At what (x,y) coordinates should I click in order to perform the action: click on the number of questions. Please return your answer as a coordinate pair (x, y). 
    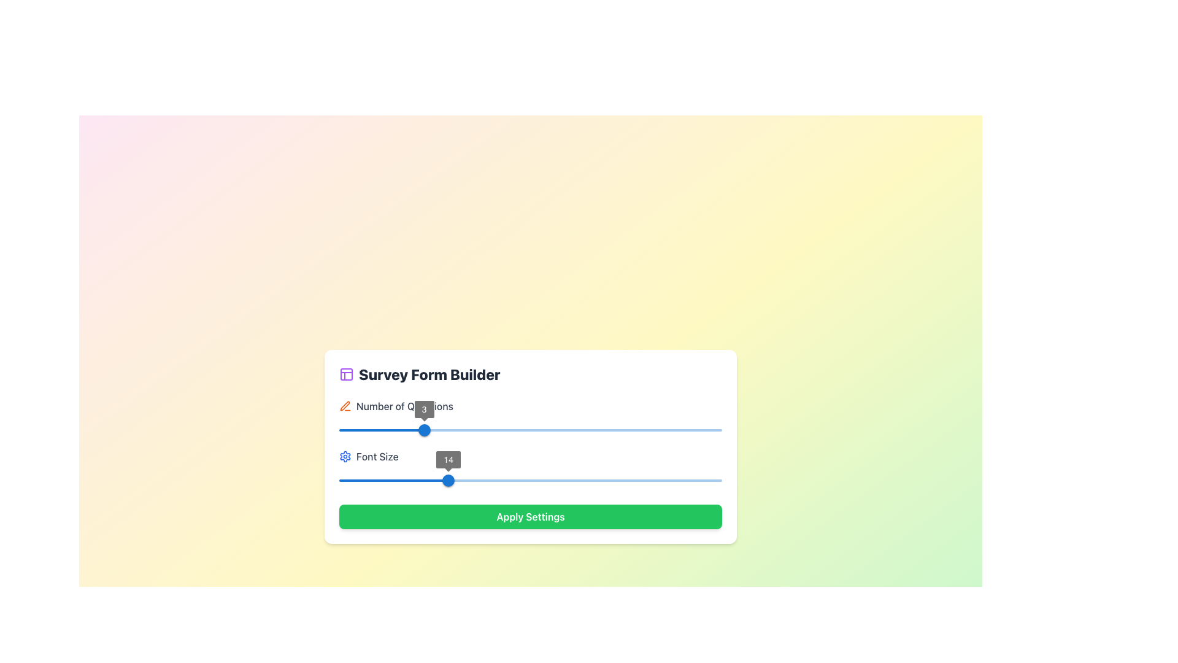
    Looking at the image, I should click on (449, 430).